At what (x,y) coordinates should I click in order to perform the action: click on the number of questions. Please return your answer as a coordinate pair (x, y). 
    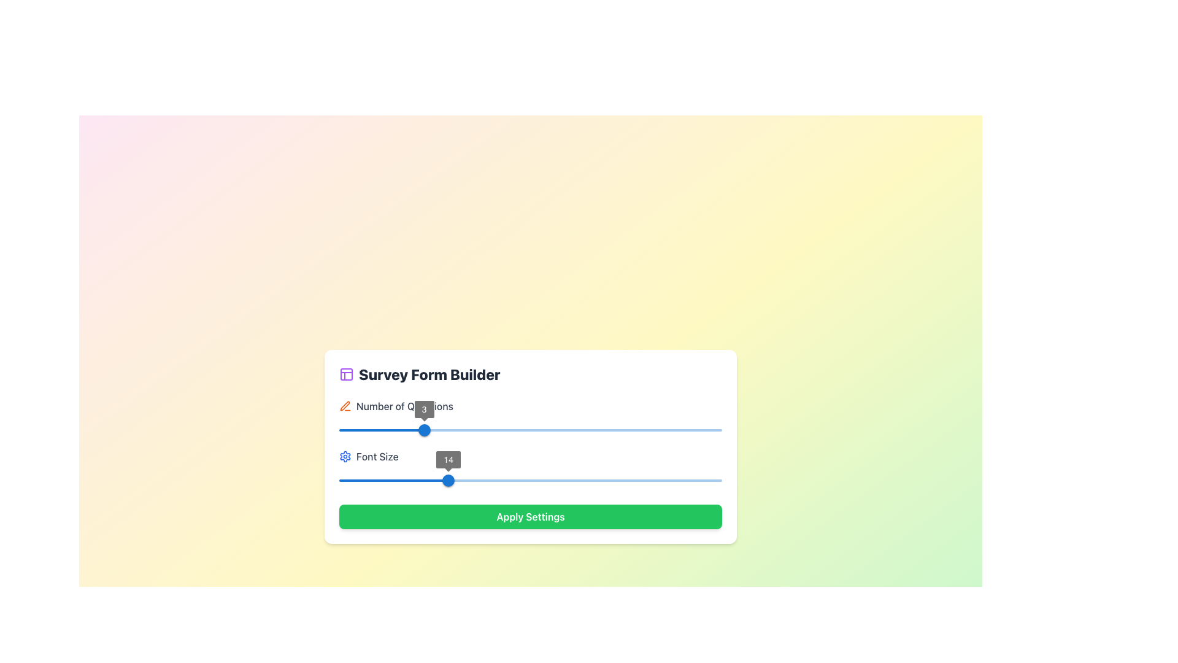
    Looking at the image, I should click on (449, 430).